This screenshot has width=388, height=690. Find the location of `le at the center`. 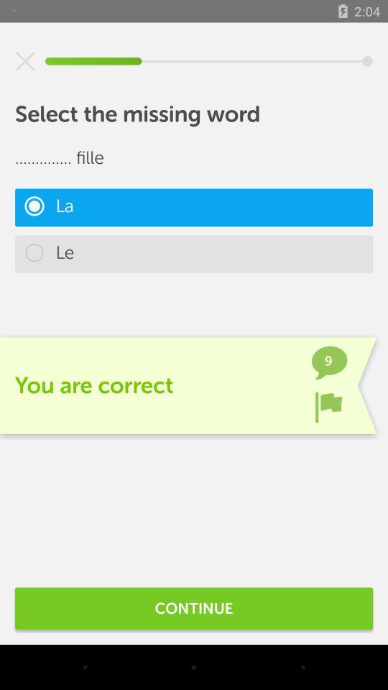

le at the center is located at coordinates (194, 254).